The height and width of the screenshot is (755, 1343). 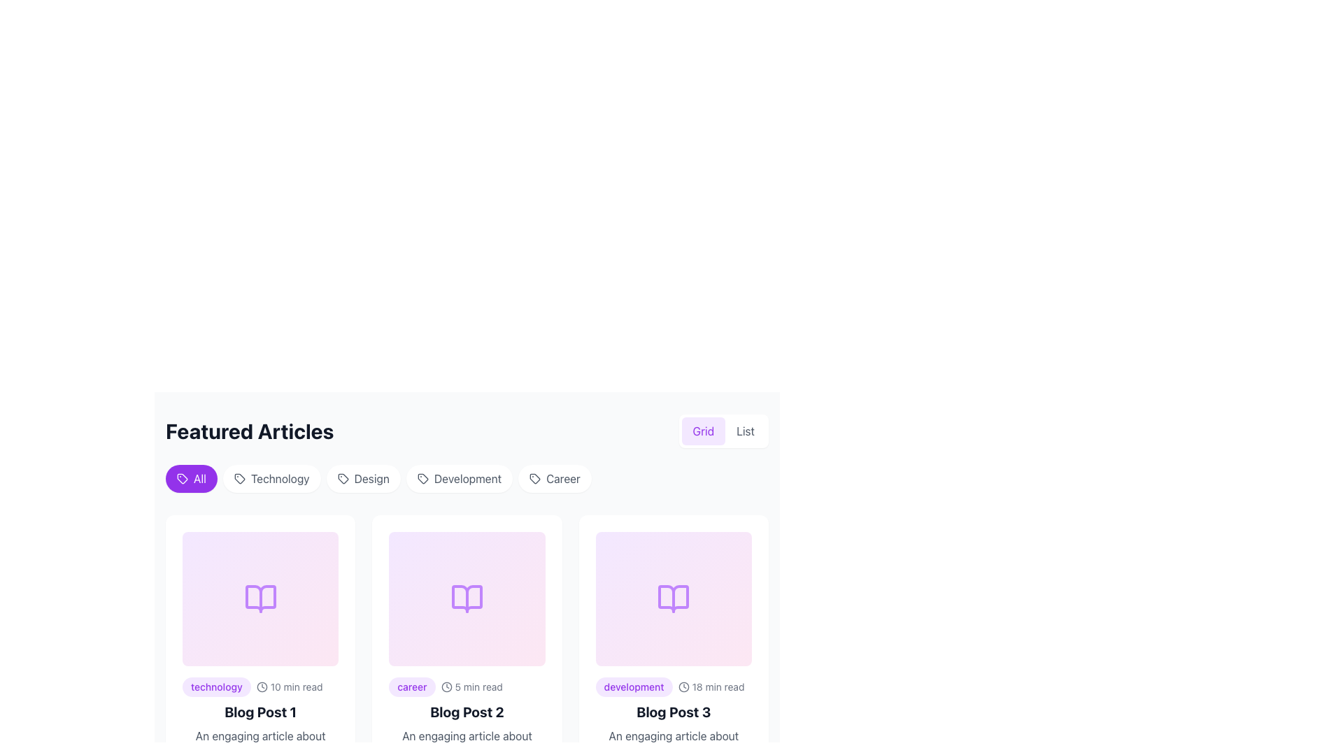 What do you see at coordinates (260, 712) in the screenshot?
I see `static text heading that boldly displays 'Blog Post 1', styled with a large font size and dark gray color, positioned below the tag 'technology'` at bounding box center [260, 712].